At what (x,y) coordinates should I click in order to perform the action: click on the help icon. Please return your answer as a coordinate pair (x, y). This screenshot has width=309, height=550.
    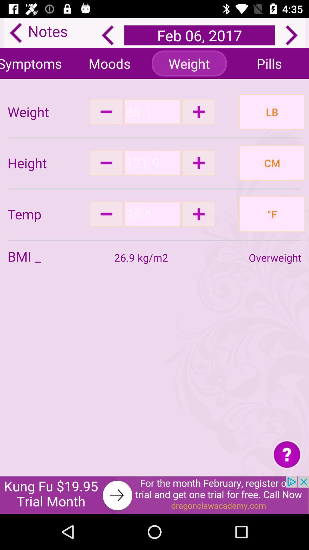
    Looking at the image, I should click on (287, 454).